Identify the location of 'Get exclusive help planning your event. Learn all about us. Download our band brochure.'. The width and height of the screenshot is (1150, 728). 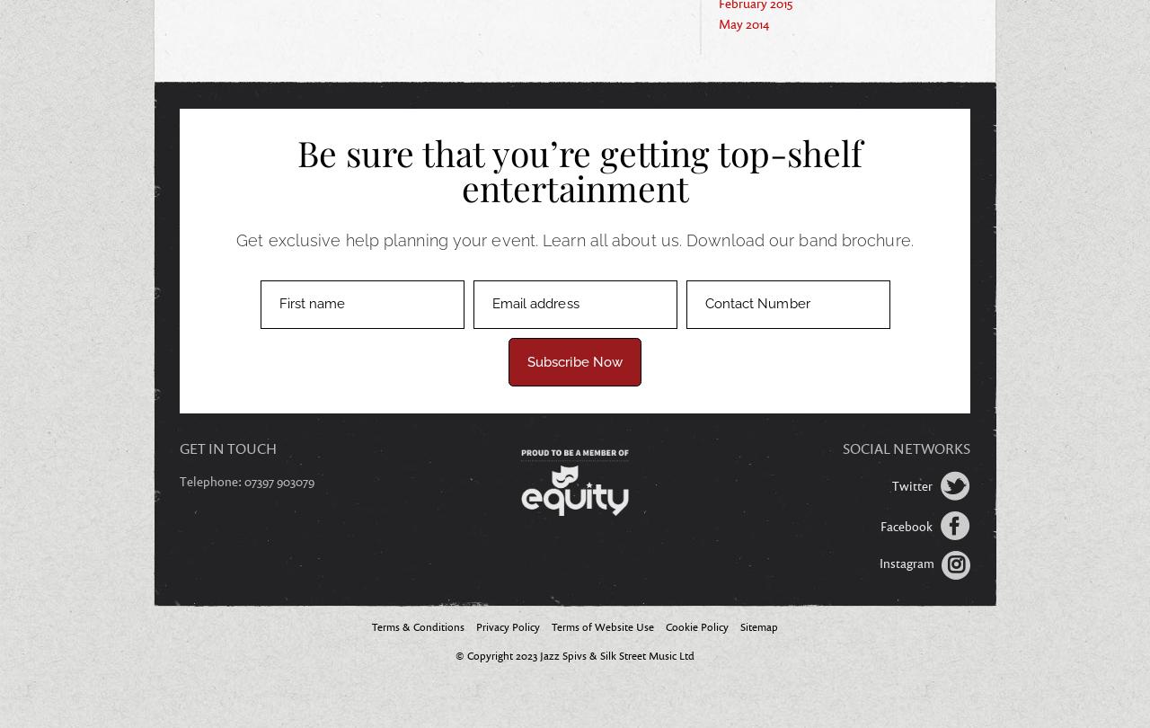
(573, 238).